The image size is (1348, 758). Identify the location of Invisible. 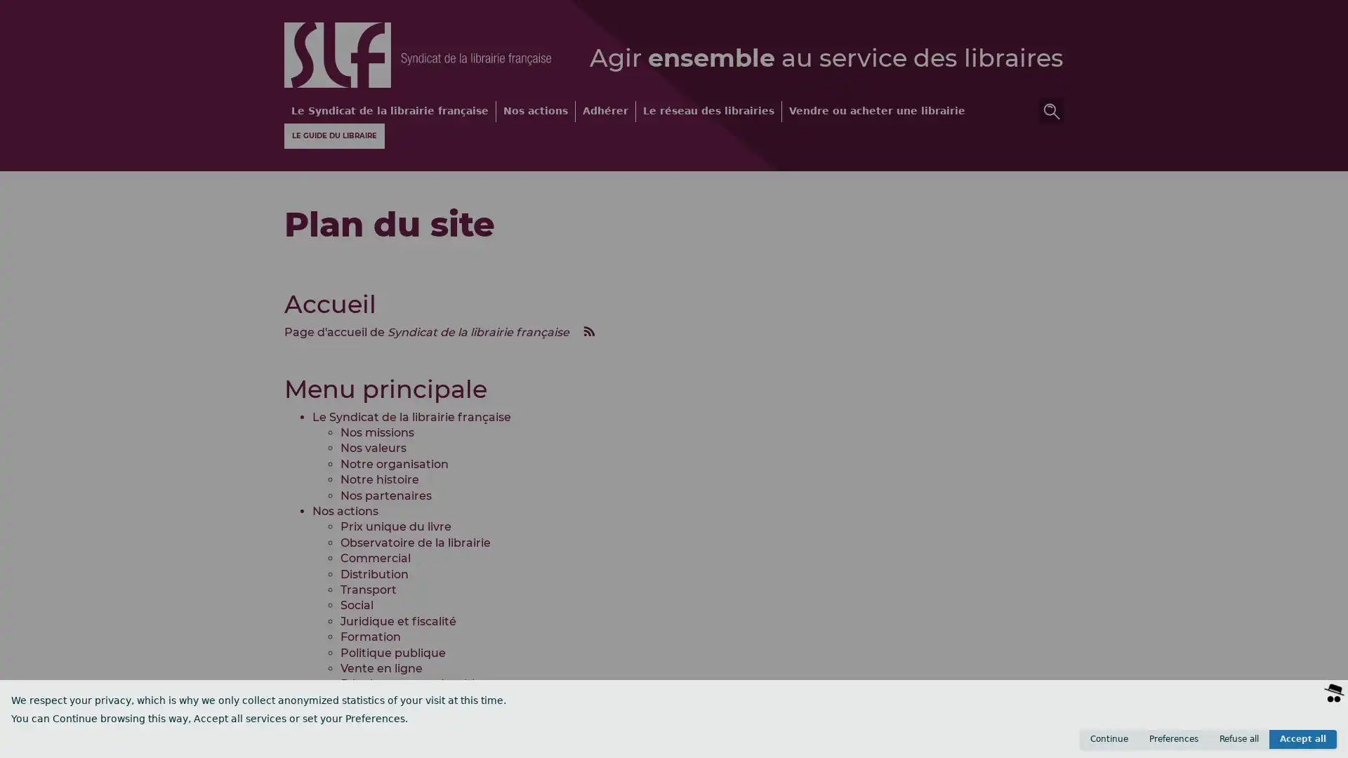
(1264, 743).